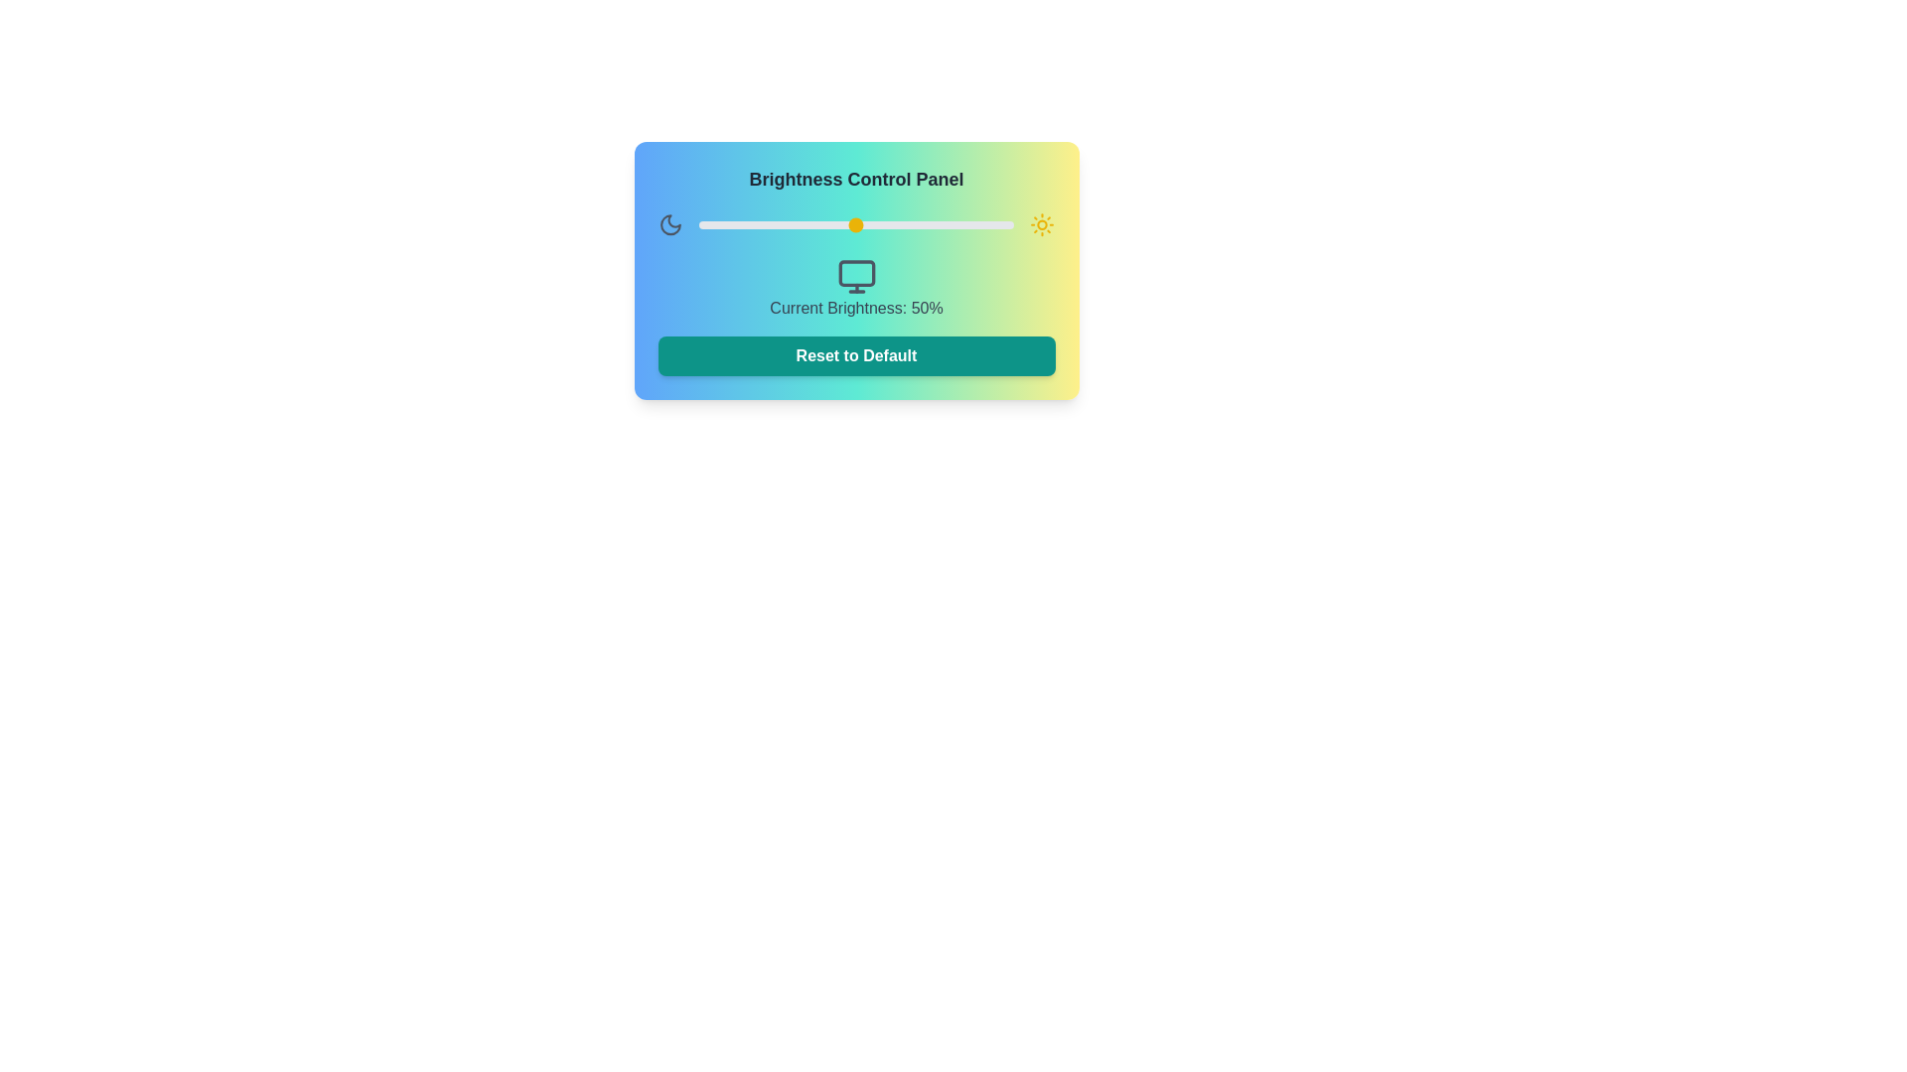 The width and height of the screenshot is (1907, 1072). Describe the element at coordinates (803, 224) in the screenshot. I see `the brightness level` at that location.